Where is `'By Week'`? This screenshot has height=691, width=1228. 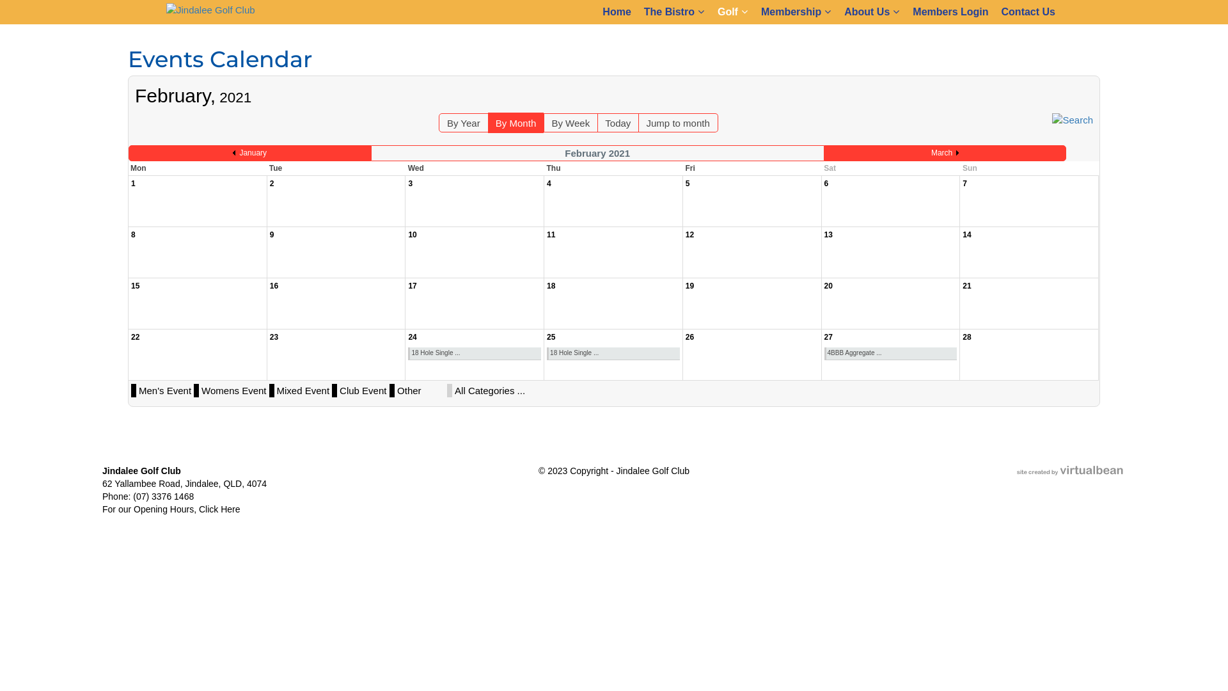
'By Week' is located at coordinates (570, 123).